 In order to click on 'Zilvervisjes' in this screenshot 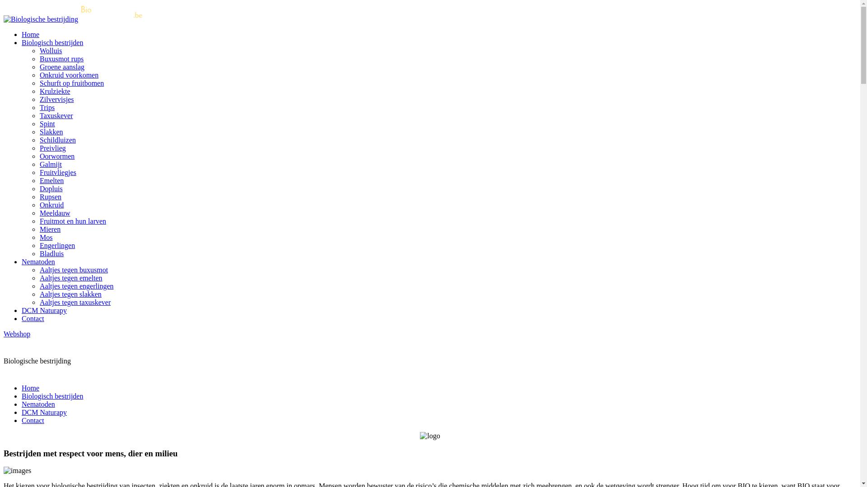, I will do `click(56, 99)`.